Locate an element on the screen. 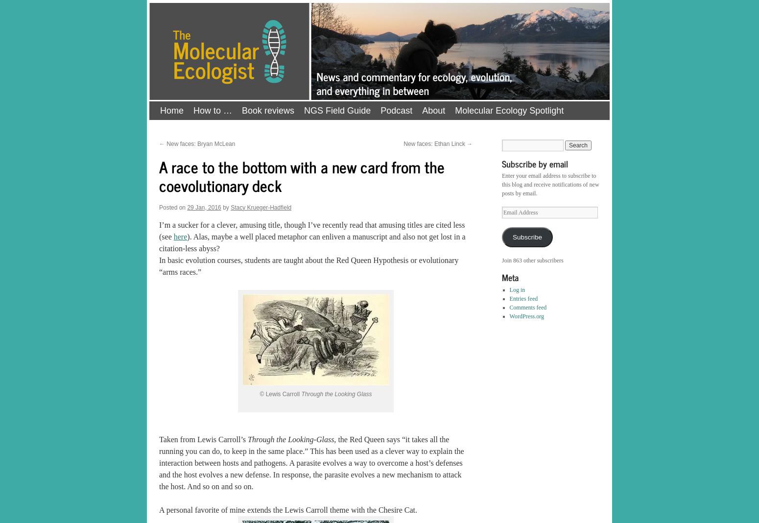  'Subscribe' is located at coordinates (527, 237).